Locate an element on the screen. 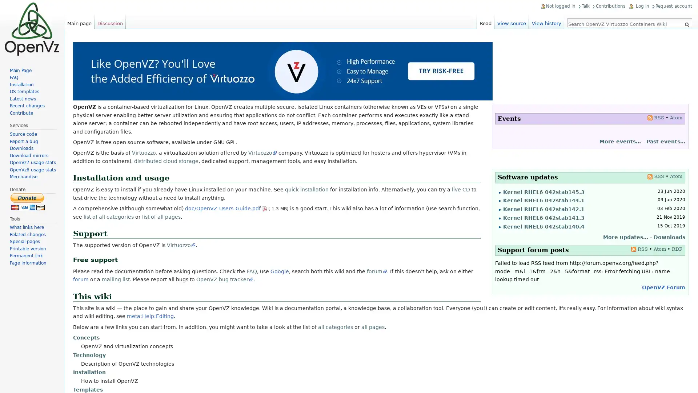 Image resolution: width=698 pixels, height=393 pixels. Go is located at coordinates (686, 24).